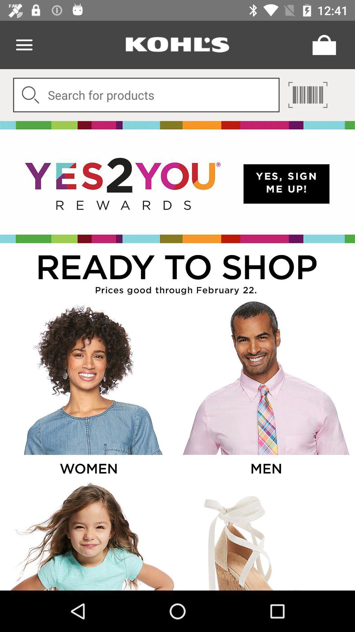 The image size is (355, 632). I want to click on page, so click(308, 94).